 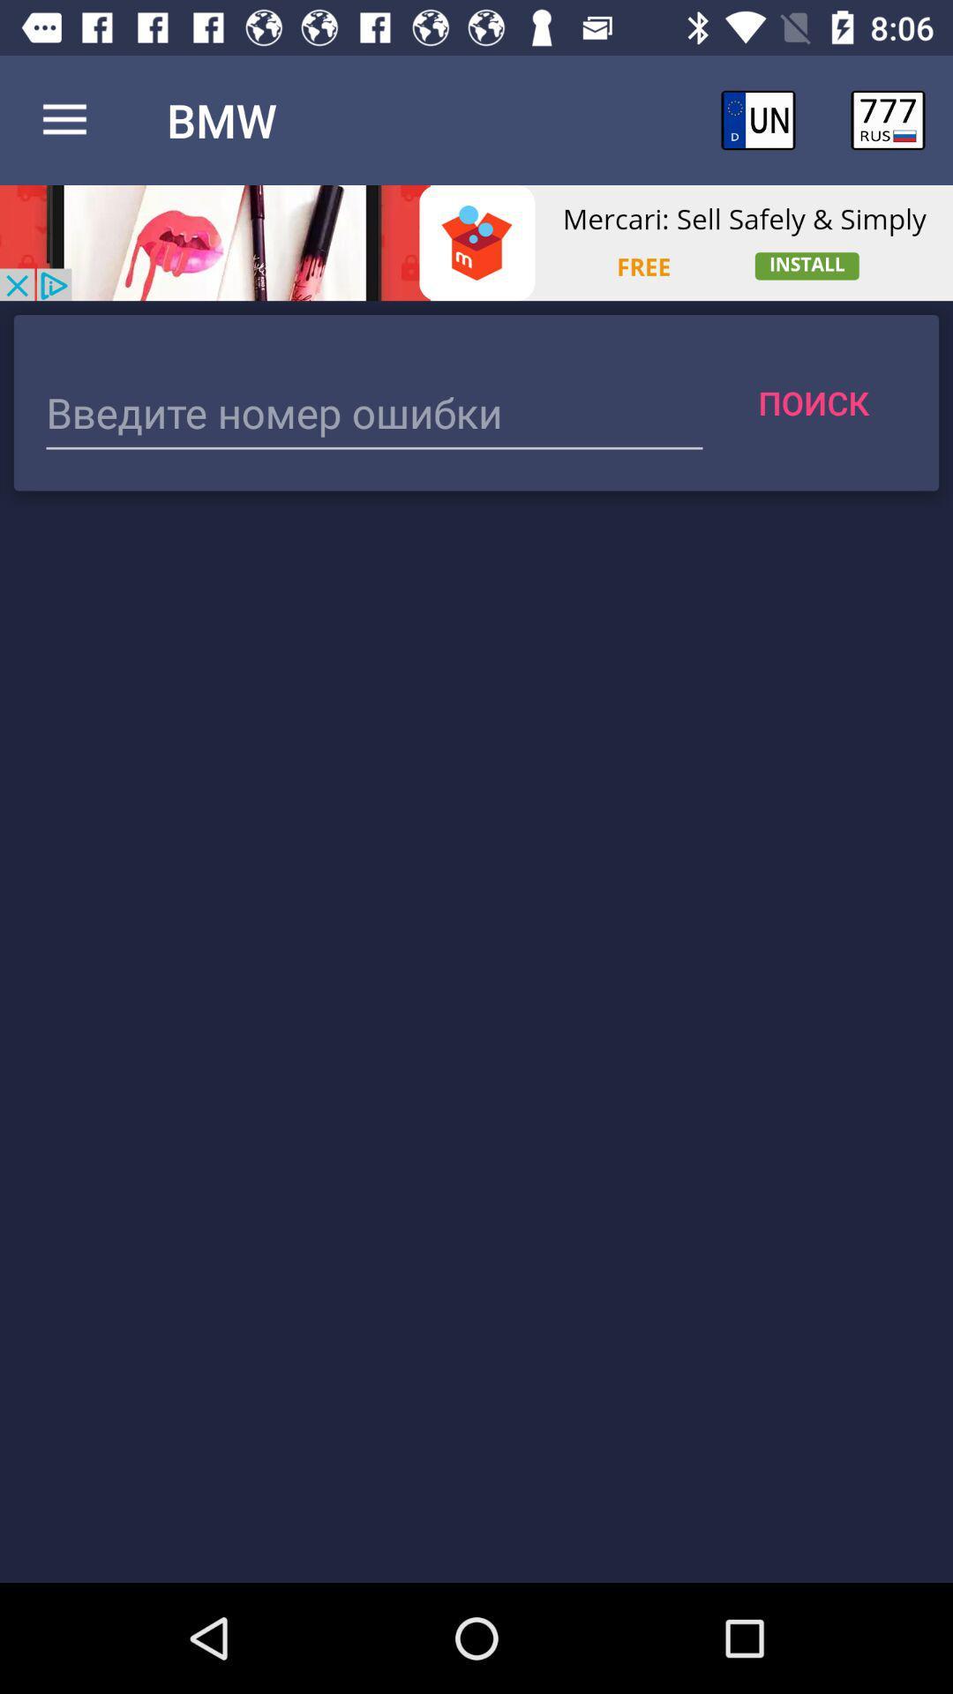 What do you see at coordinates (476, 242) in the screenshot?
I see `advertisement area` at bounding box center [476, 242].